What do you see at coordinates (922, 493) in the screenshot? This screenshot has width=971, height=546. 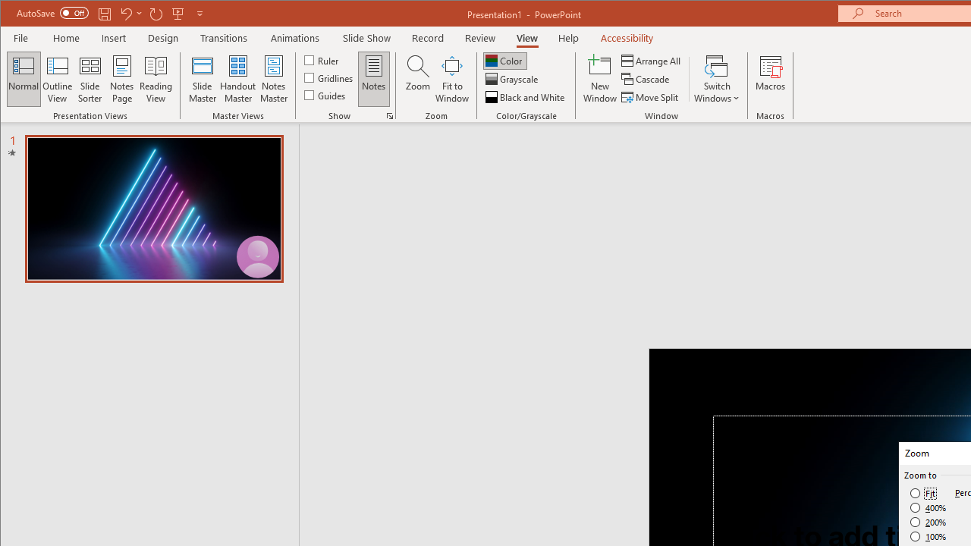 I see `'Fit'` at bounding box center [922, 493].